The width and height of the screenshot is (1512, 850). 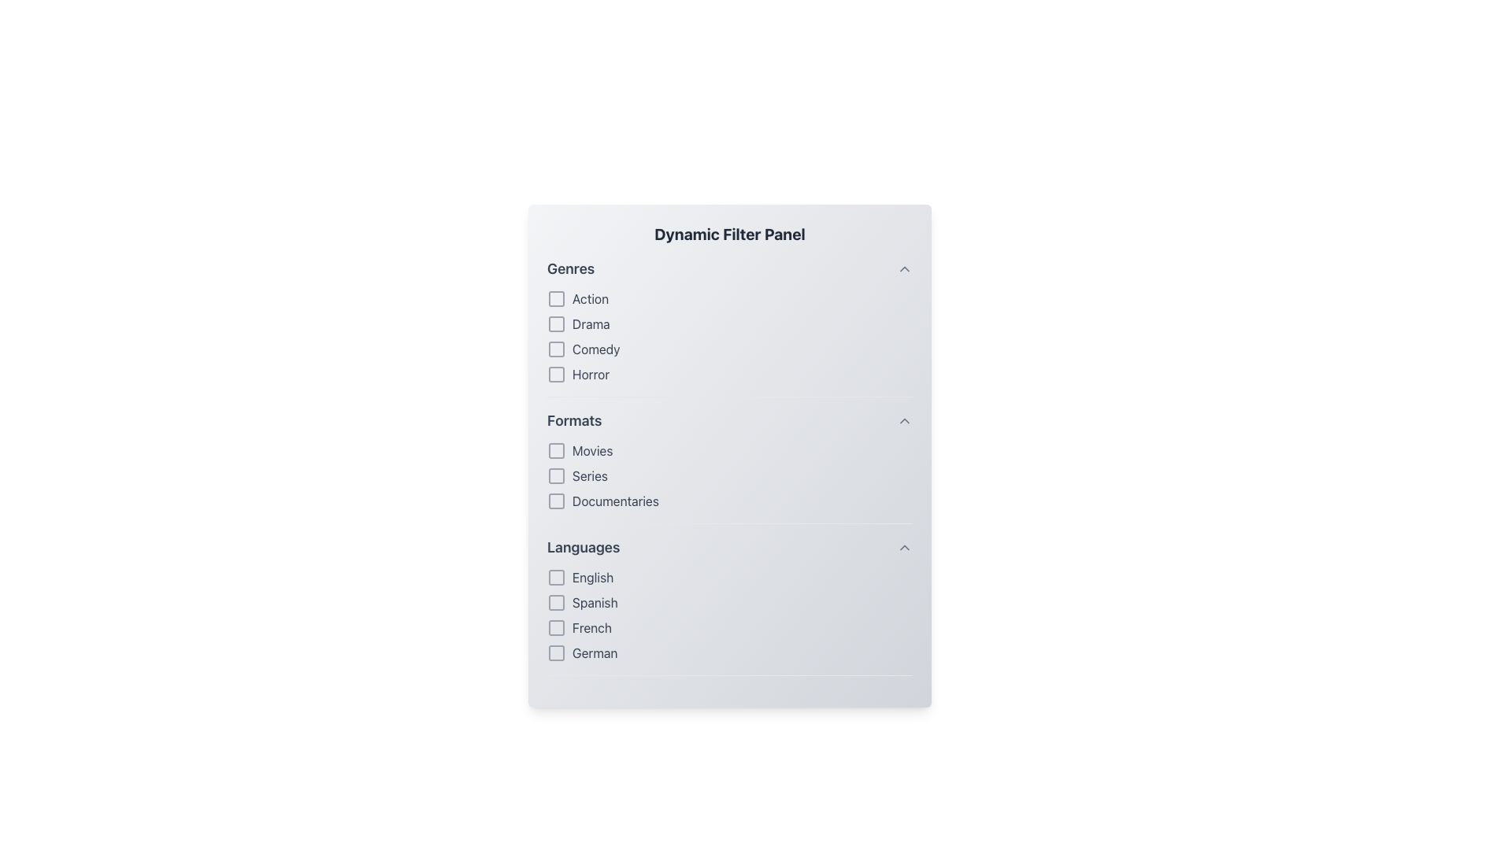 I want to click on the 'English' language text label located in the 'Languages' section of the filter panel, which is the first option in the list and follows the checkbox, so click(x=592, y=577).